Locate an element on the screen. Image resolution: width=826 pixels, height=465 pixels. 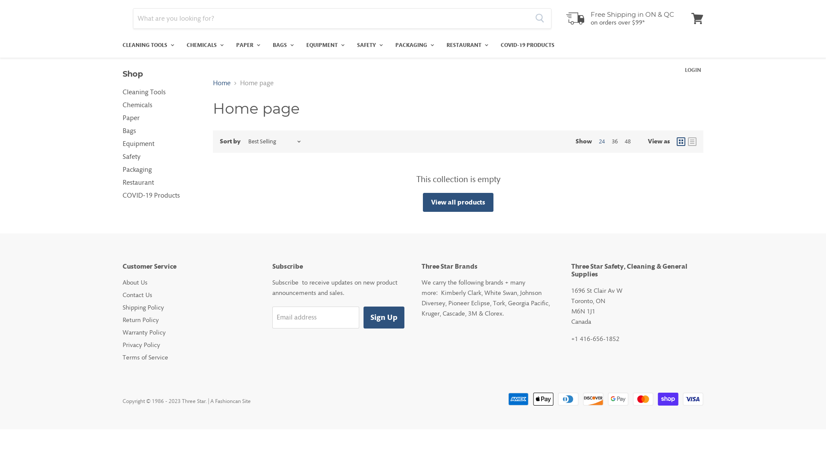
'48' is located at coordinates (628, 141).